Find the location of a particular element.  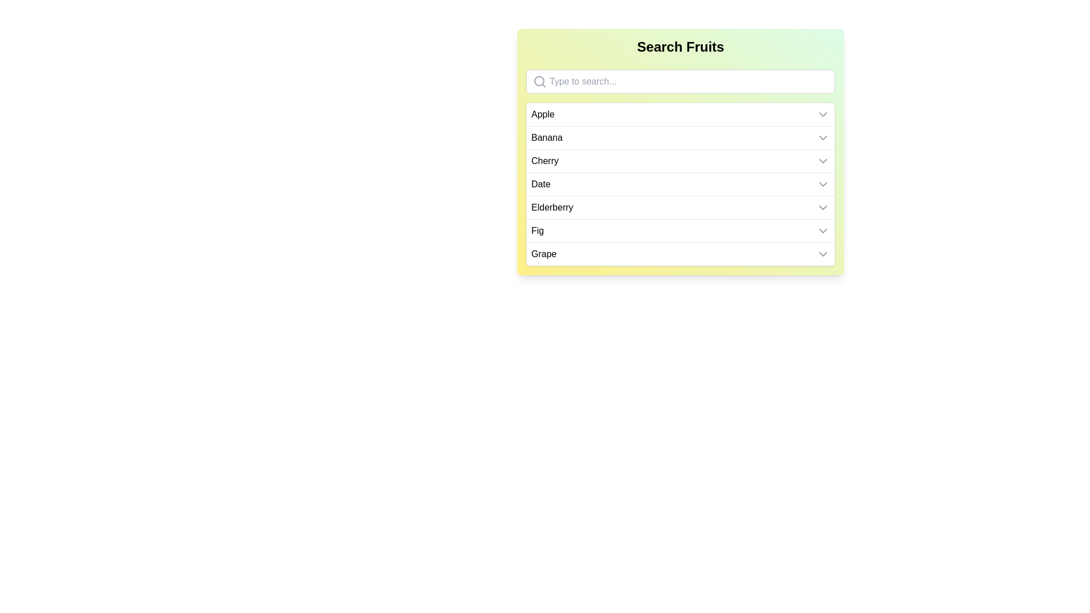

the chevron icon is located at coordinates (823, 137).